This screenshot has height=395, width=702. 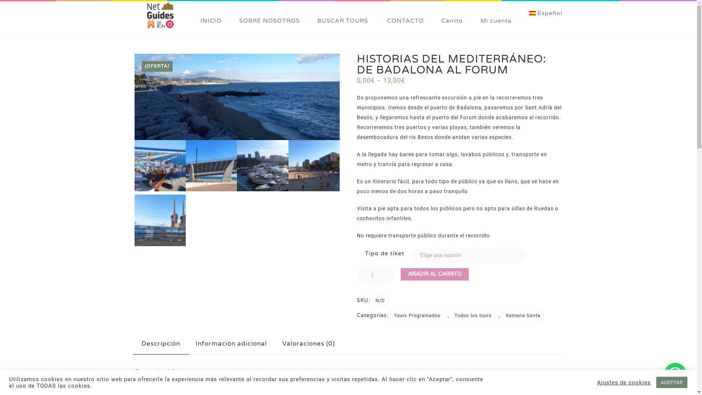 What do you see at coordinates (269, 20) in the screenshot?
I see `'SOBRE NOSOTROS'` at bounding box center [269, 20].